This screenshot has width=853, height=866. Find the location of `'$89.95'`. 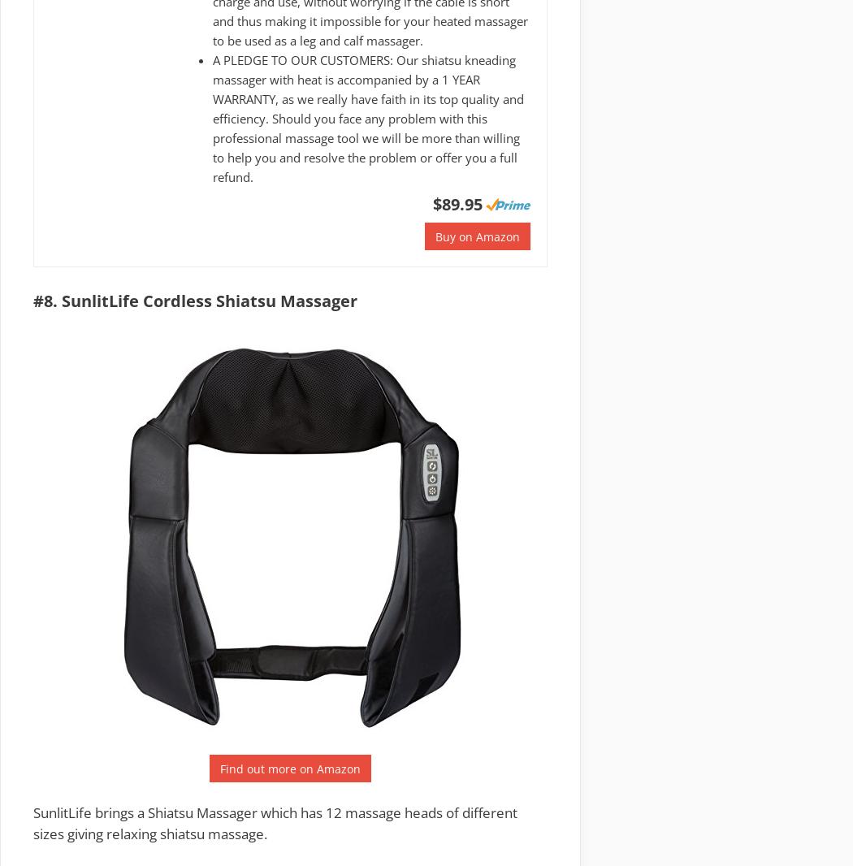

'$89.95' is located at coordinates (457, 203).